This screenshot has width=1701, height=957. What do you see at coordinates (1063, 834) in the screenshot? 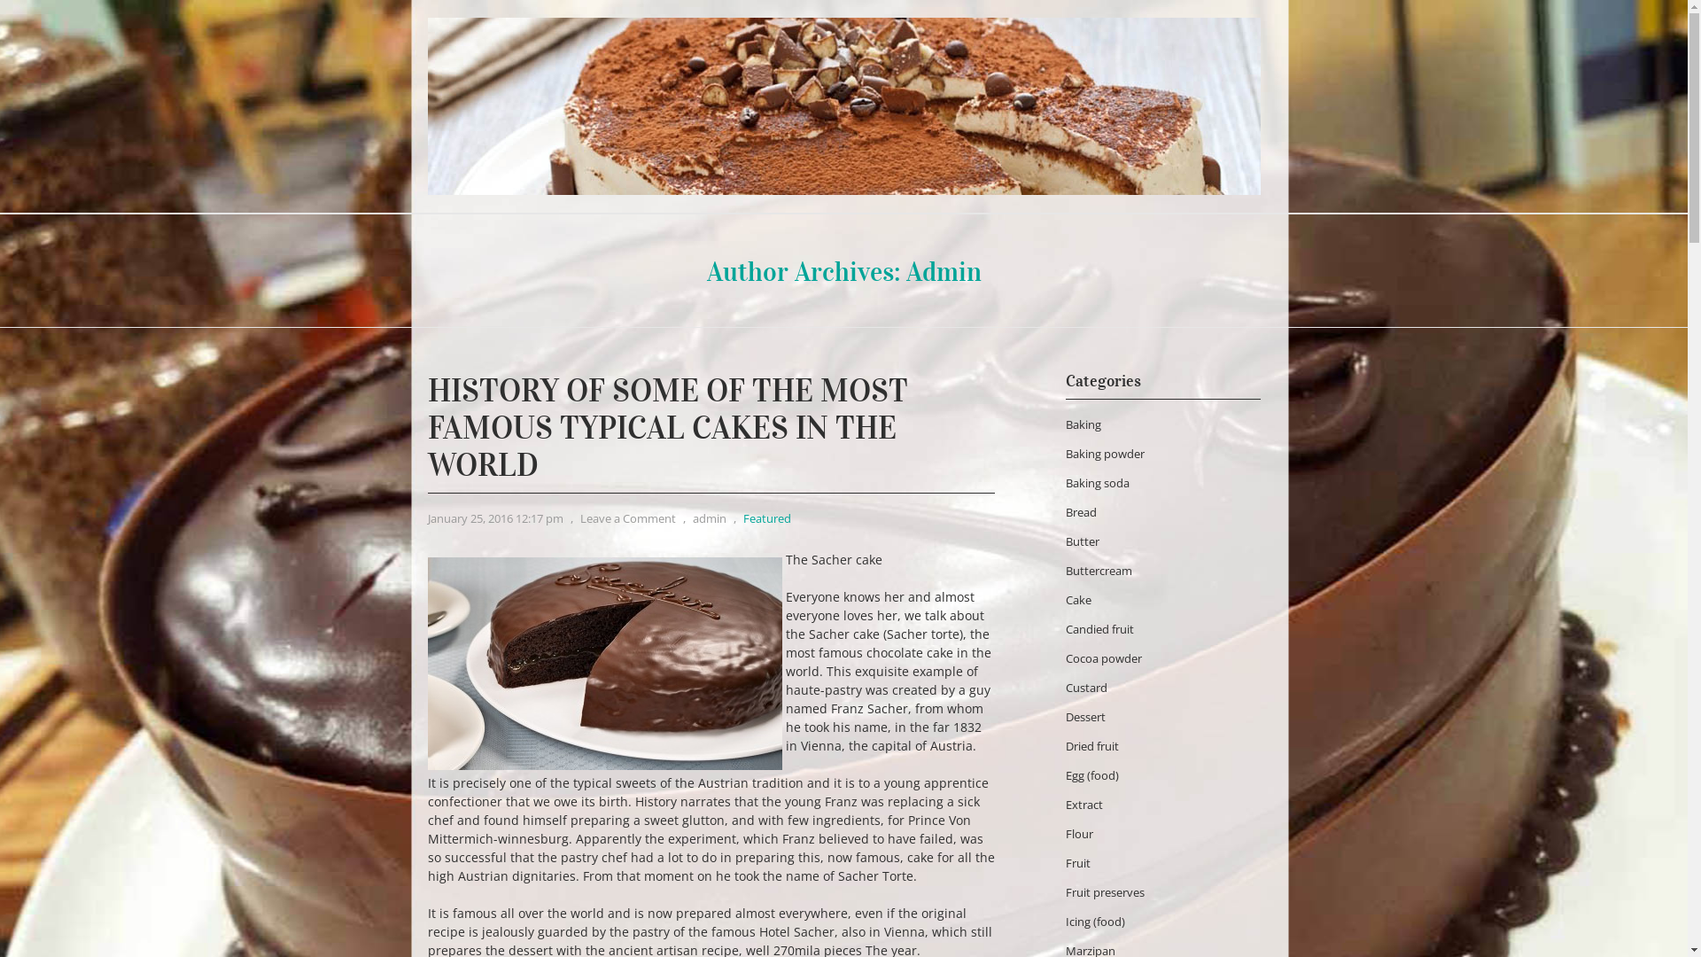
I see `'Flour'` at bounding box center [1063, 834].